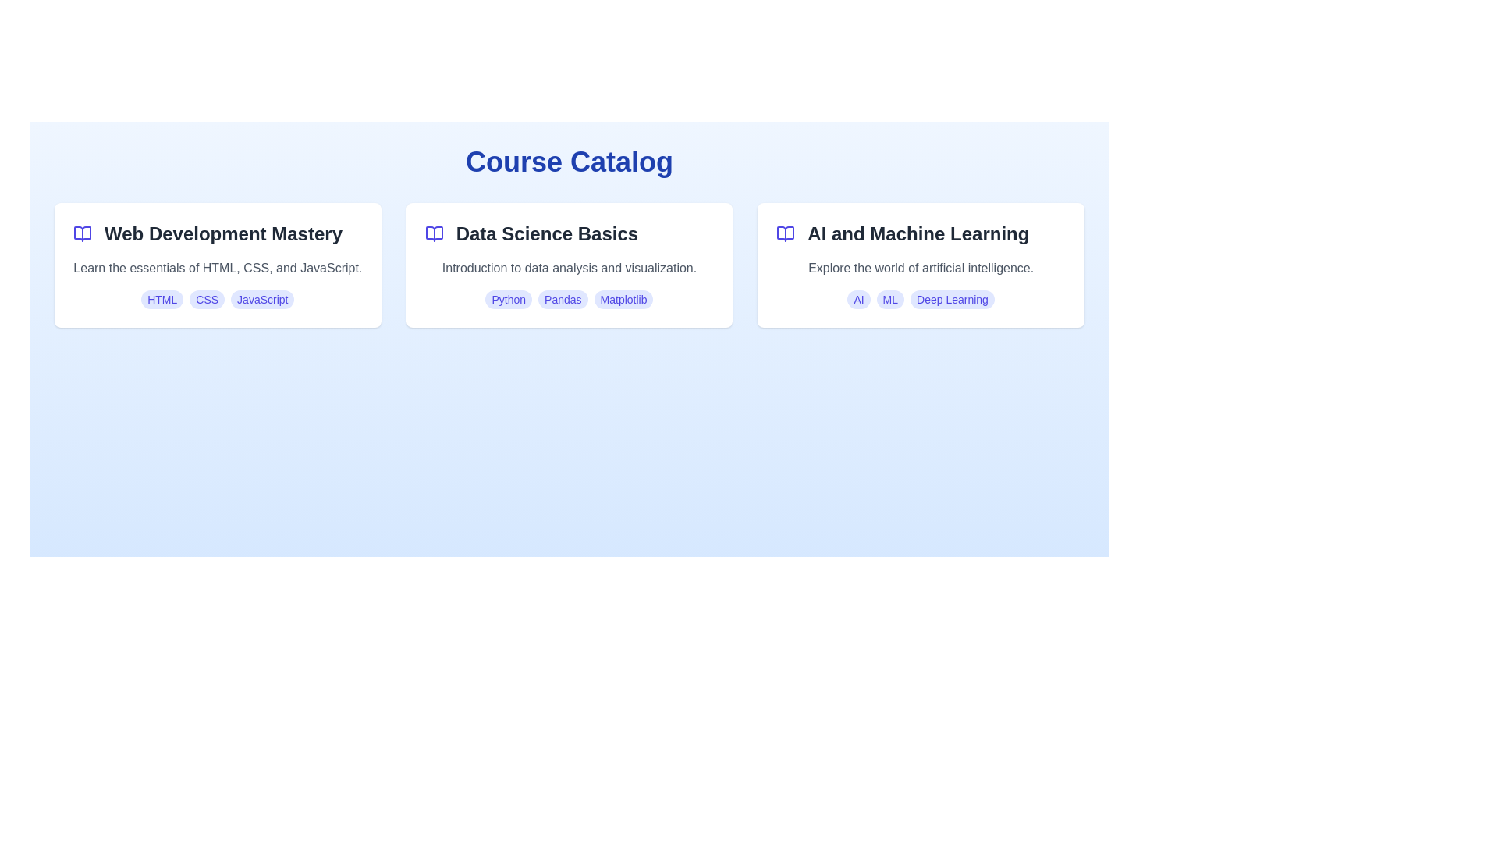 The image size is (1498, 843). I want to click on the blue book icon located in the top-left corner of the rightmost card, preceding the title 'AI and Machine Learning', so click(786, 234).